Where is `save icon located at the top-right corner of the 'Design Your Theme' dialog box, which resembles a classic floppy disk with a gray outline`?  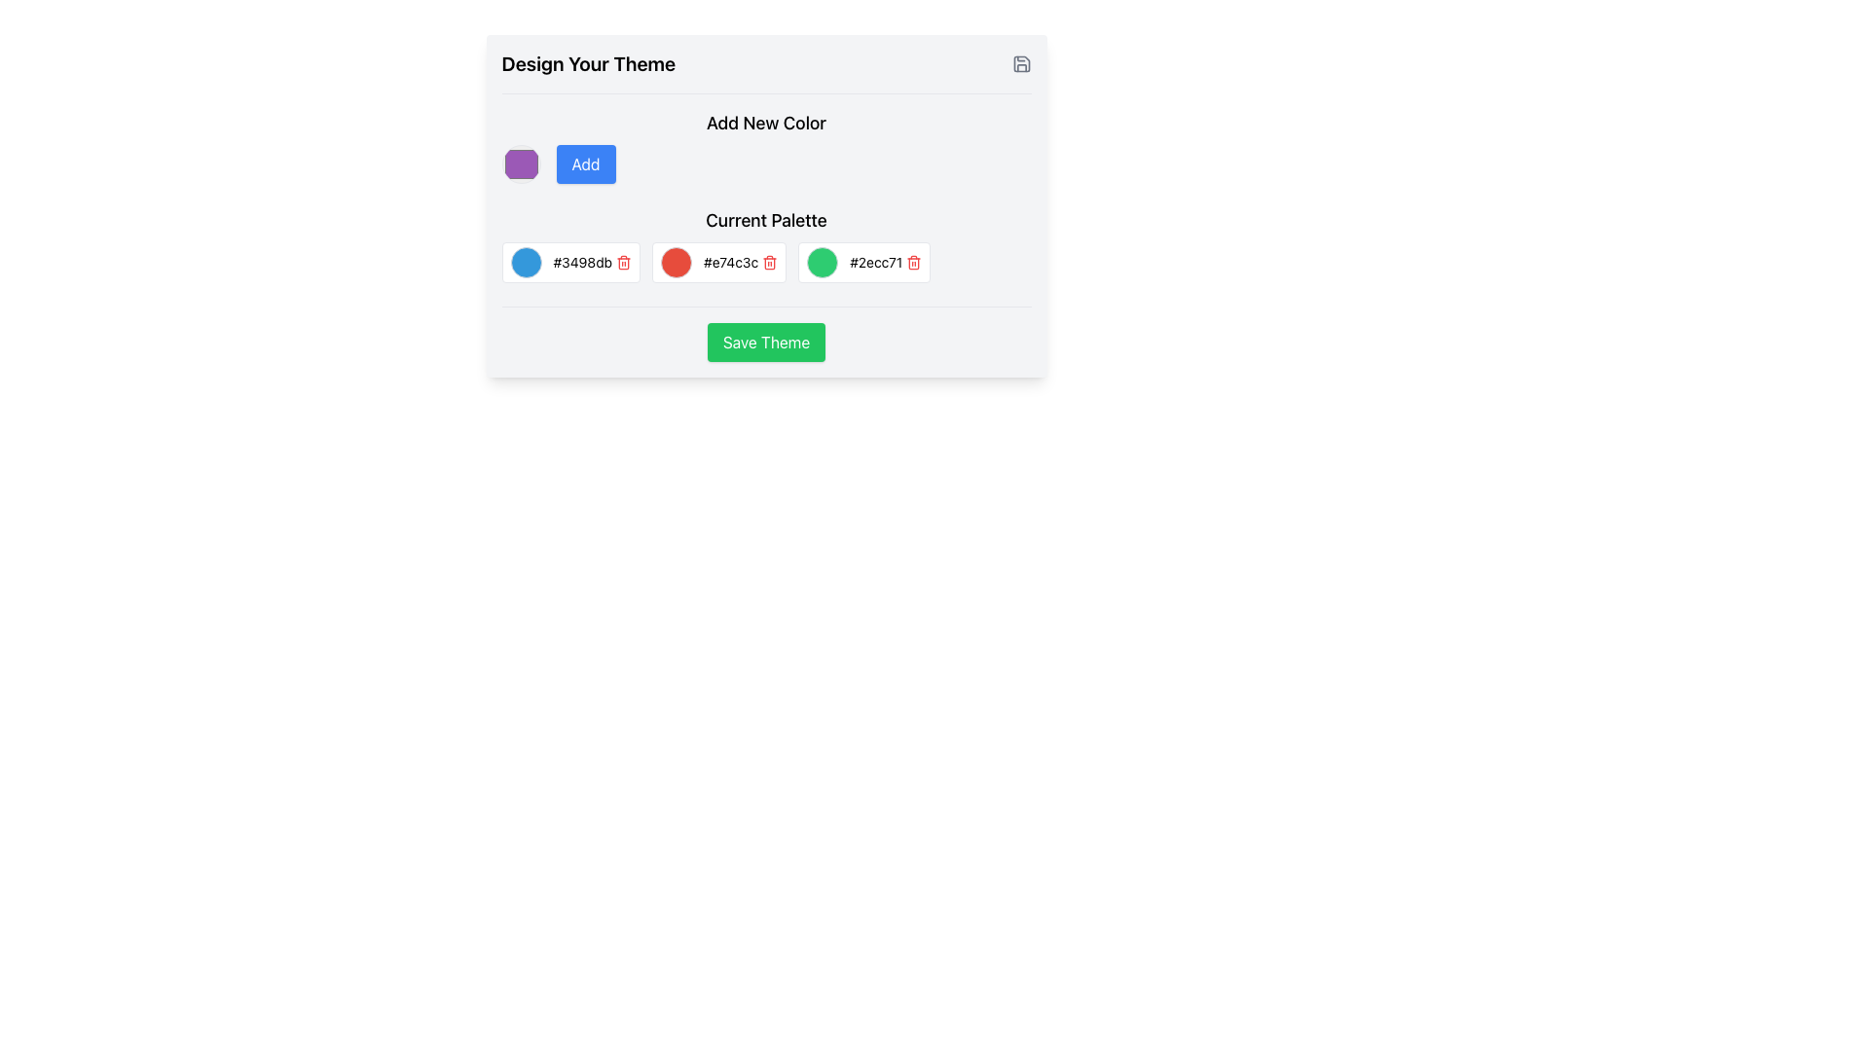 save icon located at the top-right corner of the 'Design Your Theme' dialog box, which resembles a classic floppy disk with a gray outline is located at coordinates (1020, 62).